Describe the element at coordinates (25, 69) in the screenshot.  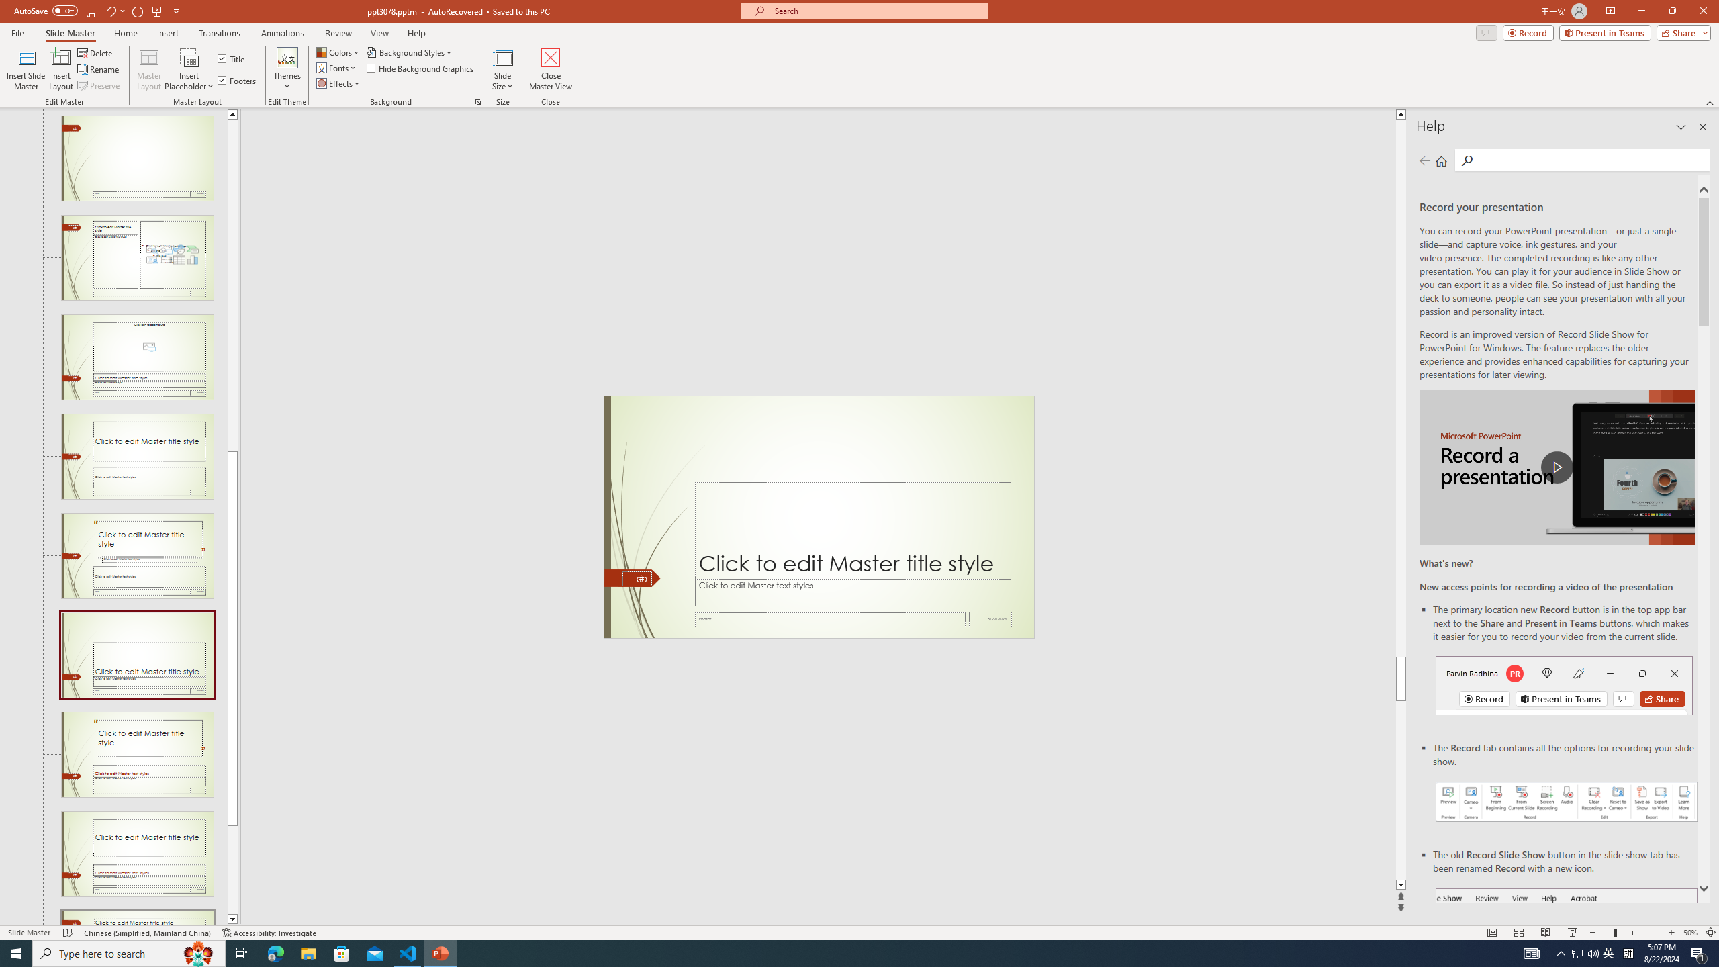
I see `'Insert Slide Master'` at that location.